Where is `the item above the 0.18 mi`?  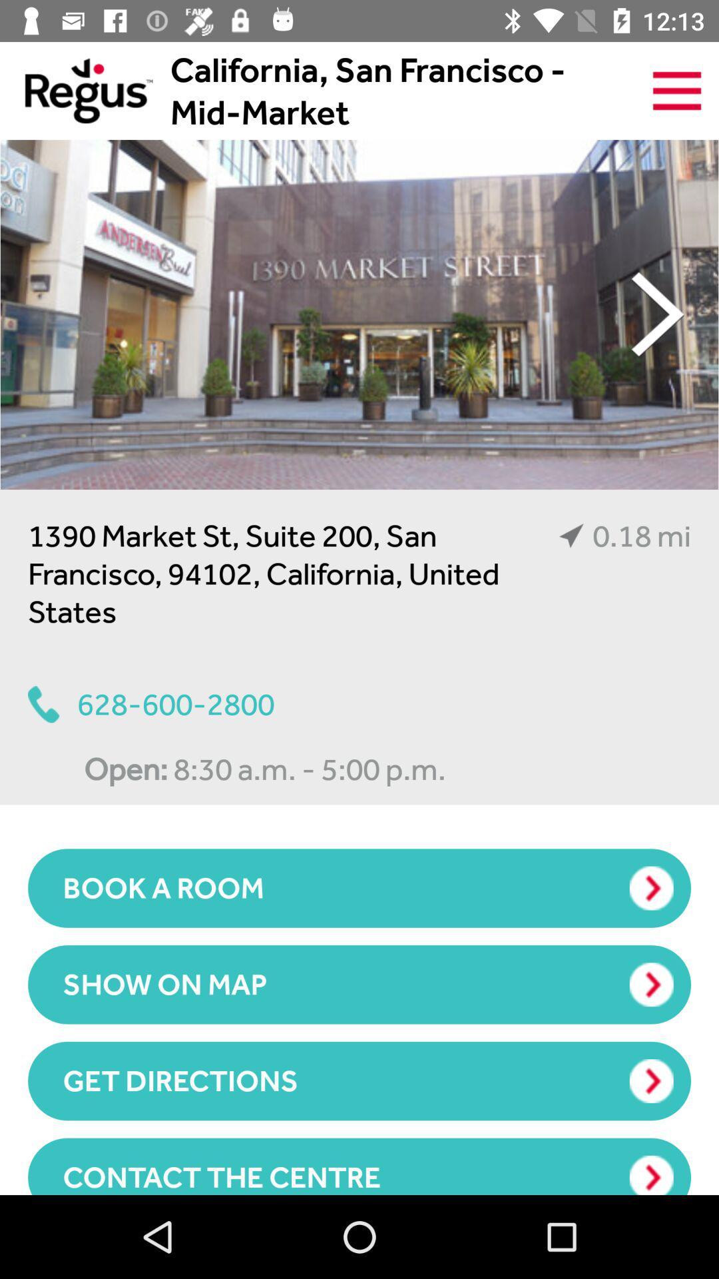 the item above the 0.18 mi is located at coordinates (657, 314).